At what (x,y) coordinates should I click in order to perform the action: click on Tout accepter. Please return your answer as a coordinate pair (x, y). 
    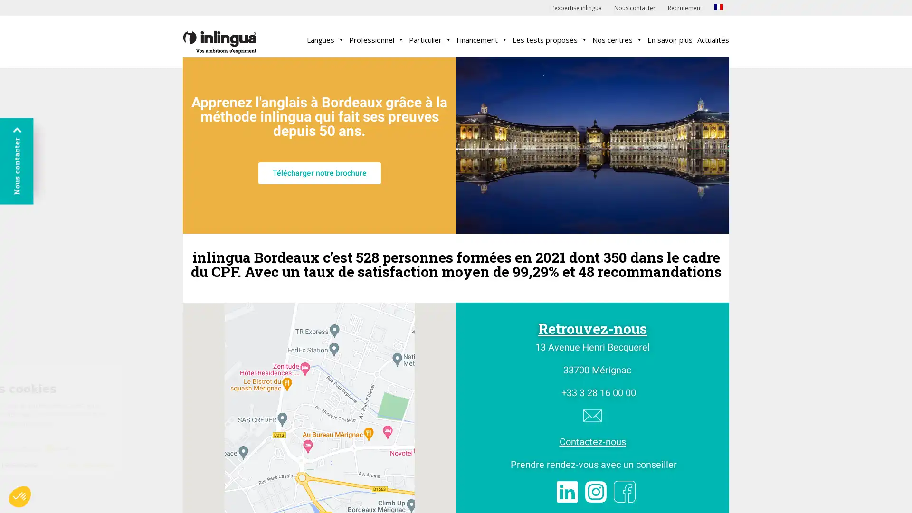
    Looking at the image, I should click on (175, 465).